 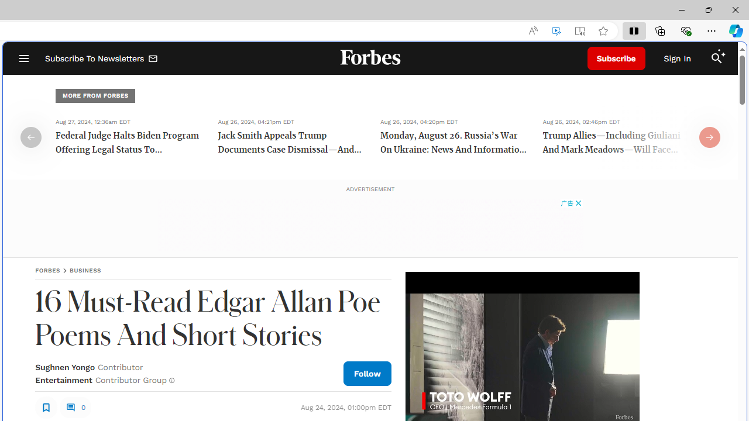 What do you see at coordinates (709, 136) in the screenshot?
I see `'Class: fs-icon fs-icon--arrow-right'` at bounding box center [709, 136].